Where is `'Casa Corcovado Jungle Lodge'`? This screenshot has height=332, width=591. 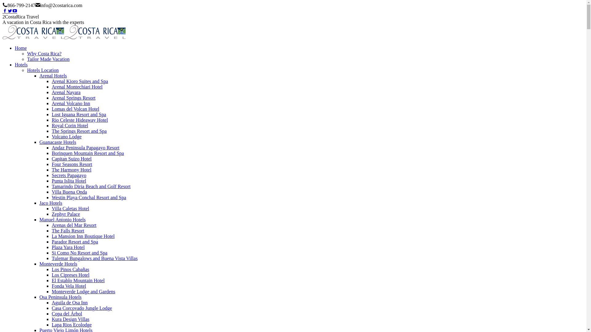 'Casa Corcovado Jungle Lodge' is located at coordinates (52, 308).